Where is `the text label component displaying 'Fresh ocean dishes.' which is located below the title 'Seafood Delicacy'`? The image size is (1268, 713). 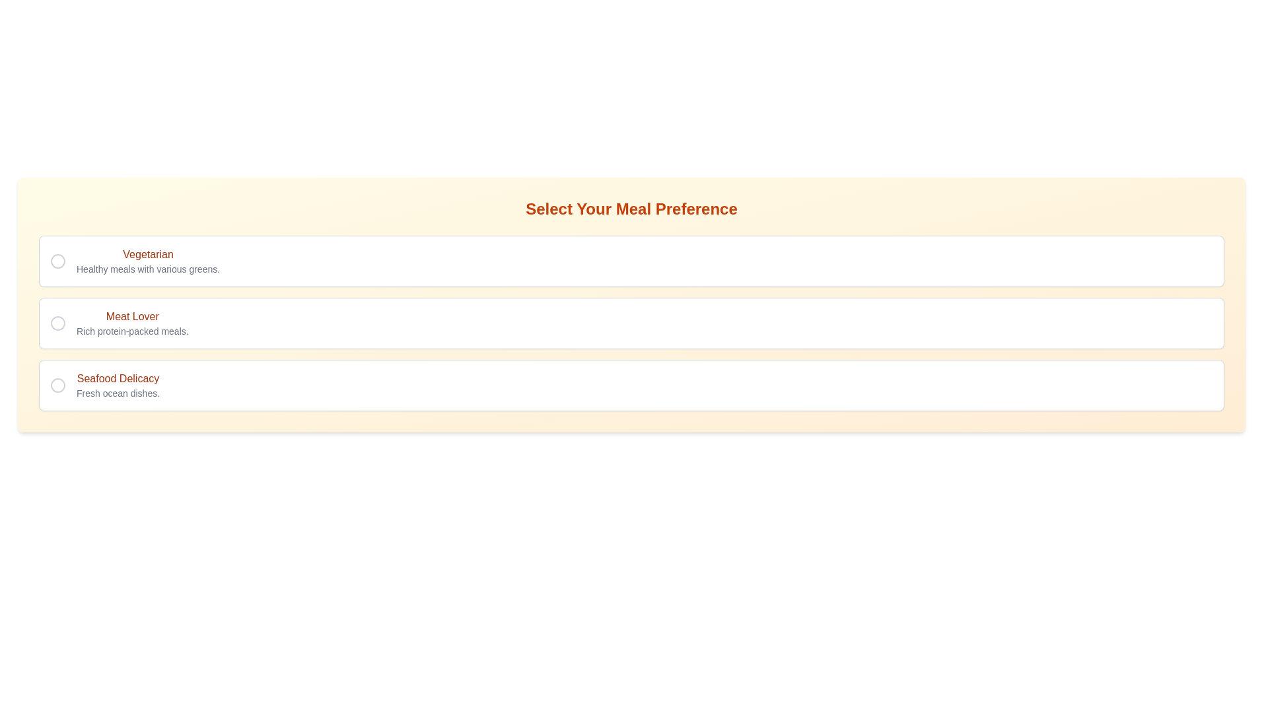
the text label component displaying 'Fresh ocean dishes.' which is located below the title 'Seafood Delicacy' is located at coordinates (118, 393).